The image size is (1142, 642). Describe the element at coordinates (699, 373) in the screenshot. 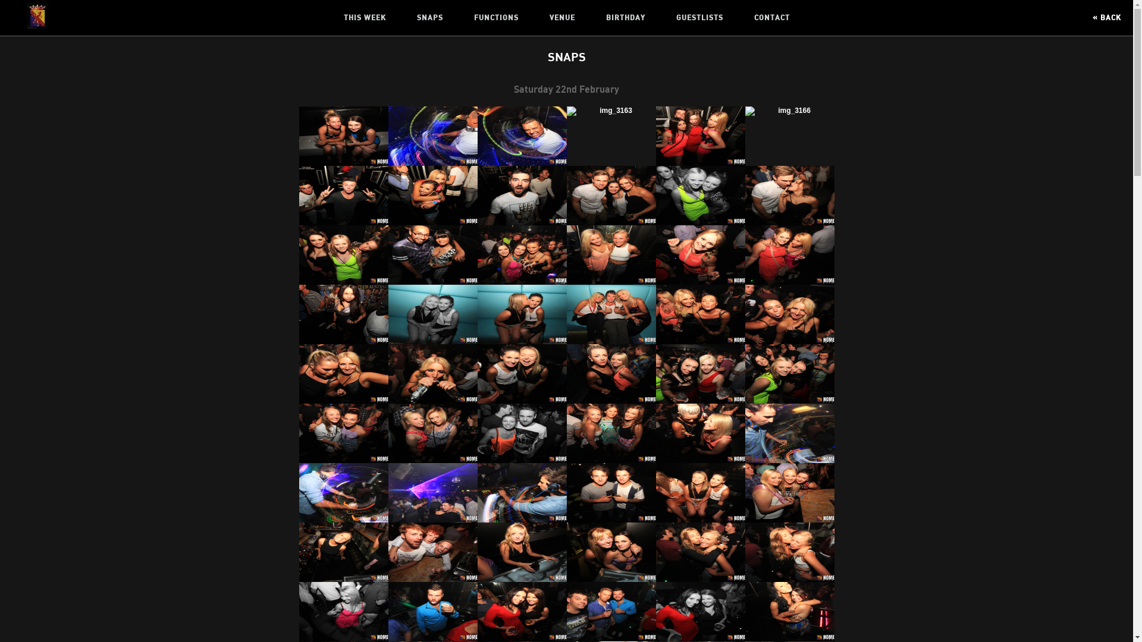

I see `' '` at that location.